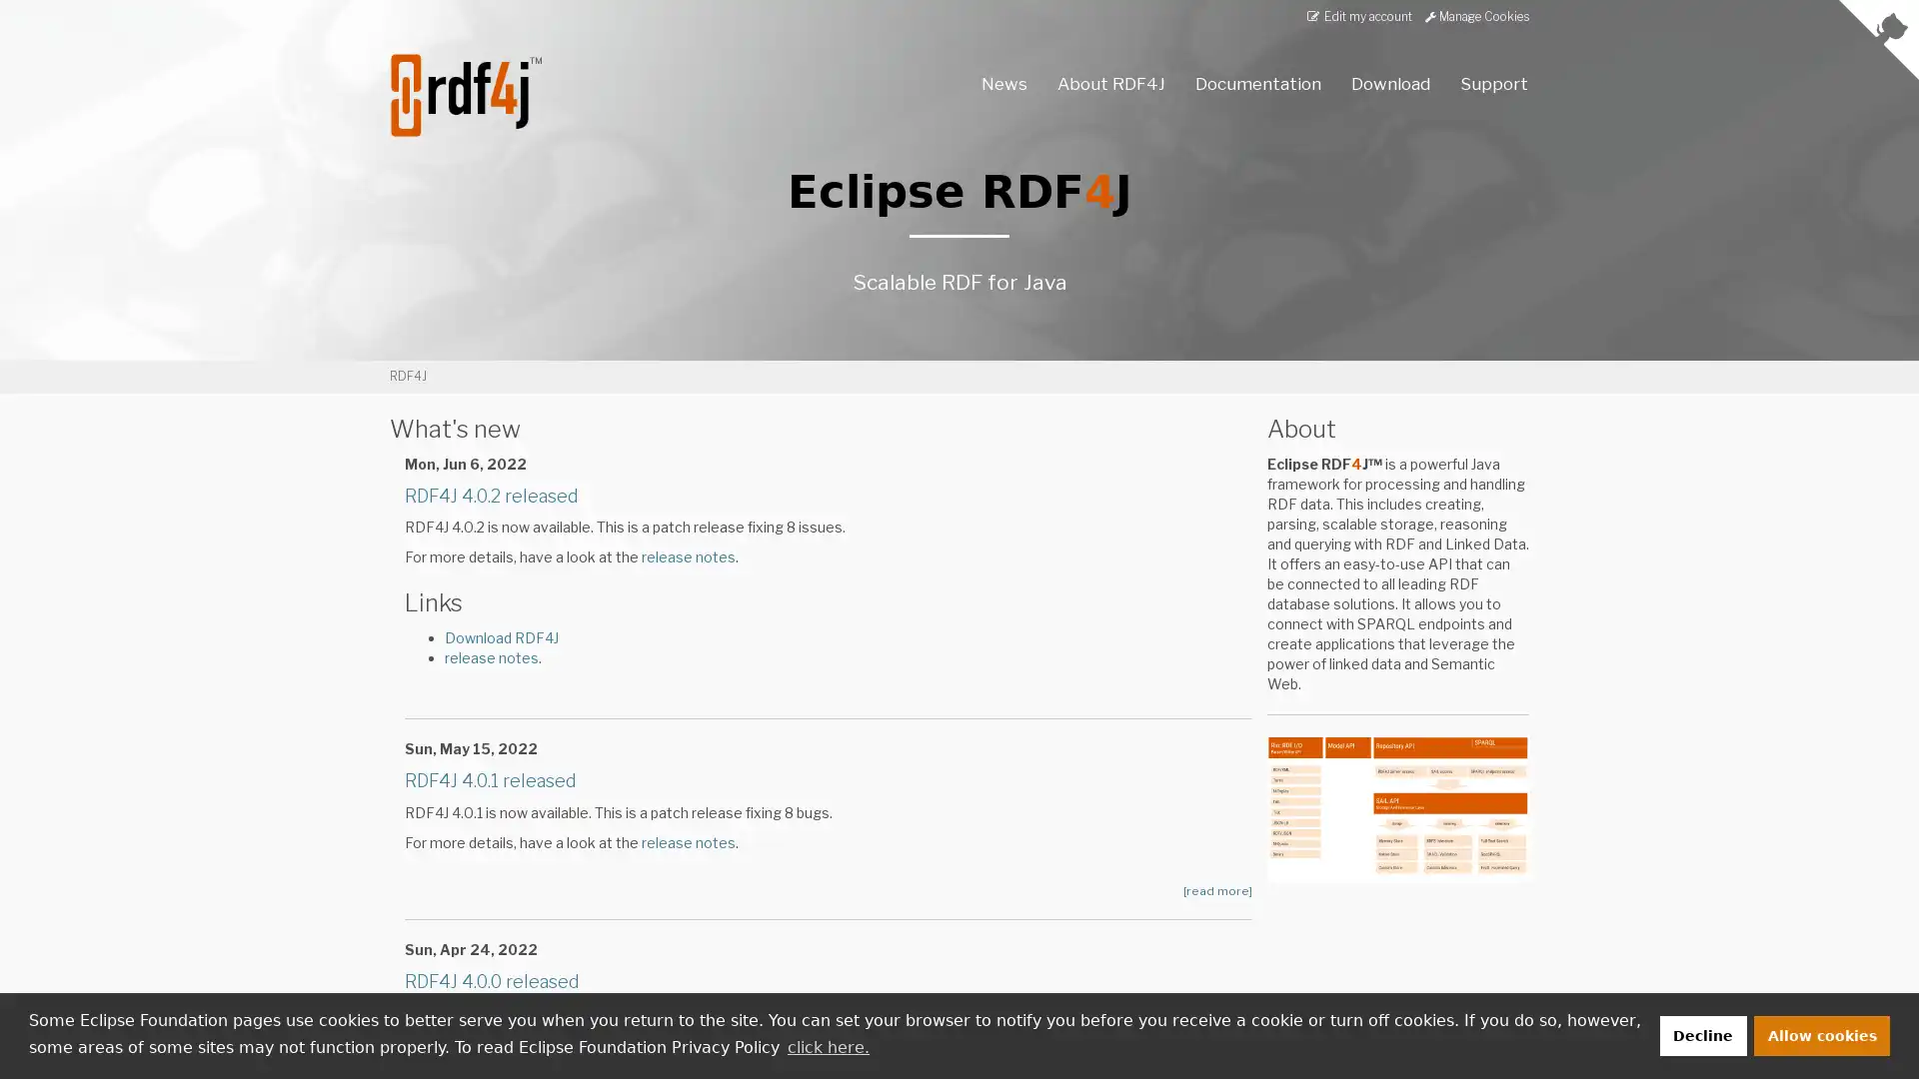 This screenshot has height=1079, width=1919. What do you see at coordinates (1822, 1034) in the screenshot?
I see `allow cookies` at bounding box center [1822, 1034].